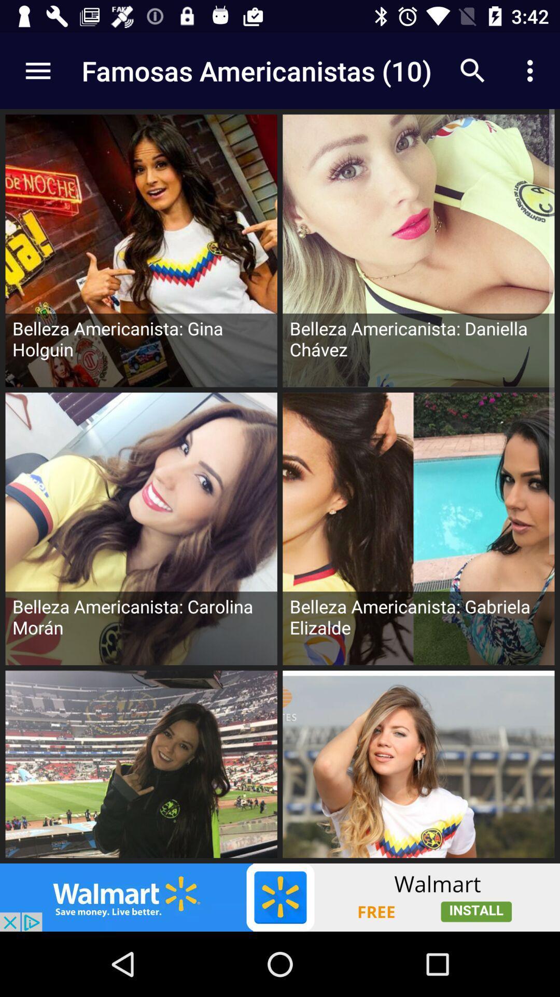 The height and width of the screenshot is (997, 560). I want to click on advertising area, so click(280, 897).